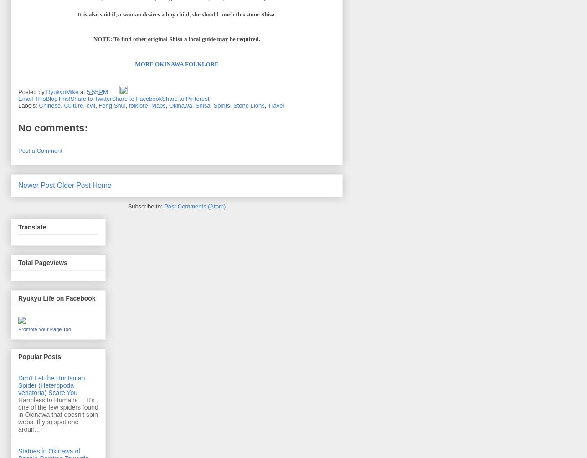  I want to click on 'Don't Let the Huntsman Spider (Heteropoda venatoria) Scare You', so click(51, 385).